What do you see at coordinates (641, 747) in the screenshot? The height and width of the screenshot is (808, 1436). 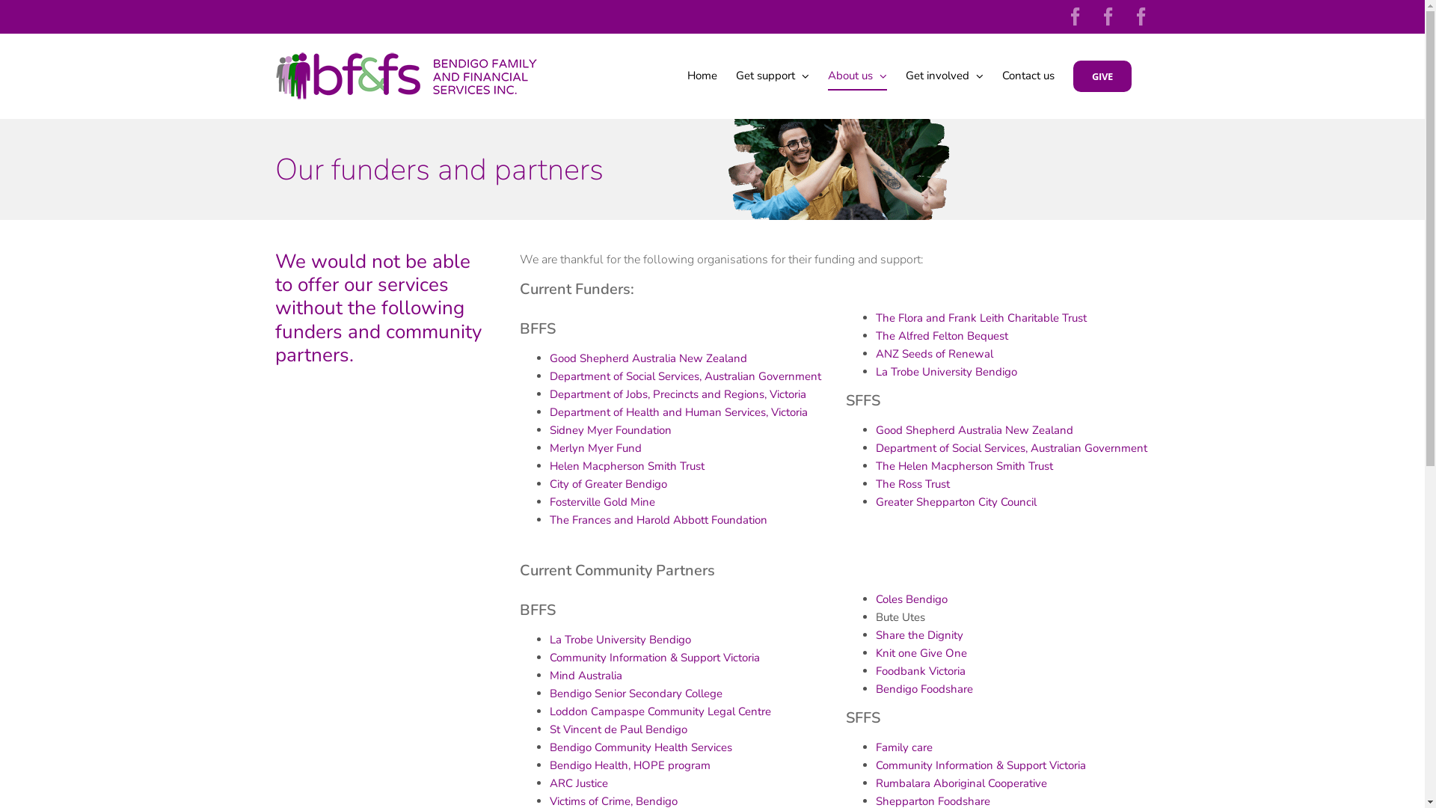 I see `'Bendigo Community Health Services'` at bounding box center [641, 747].